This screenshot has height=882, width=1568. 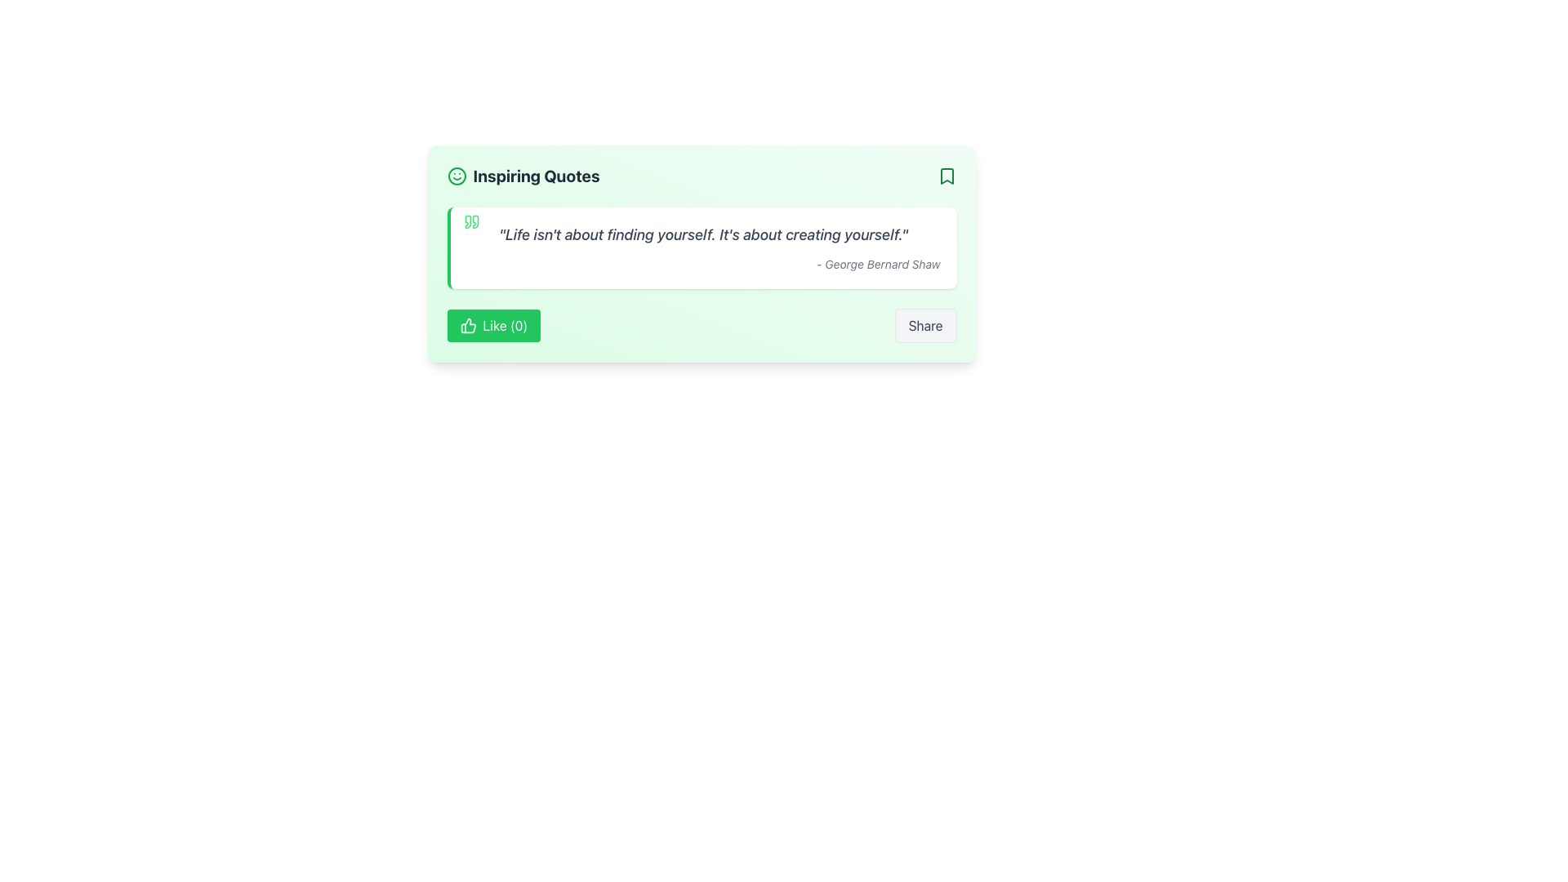 I want to click on motivational quote text displayed in the quote card component, which is centrally positioned above the author's name, 'George Bernard Shaw', so click(x=703, y=235).